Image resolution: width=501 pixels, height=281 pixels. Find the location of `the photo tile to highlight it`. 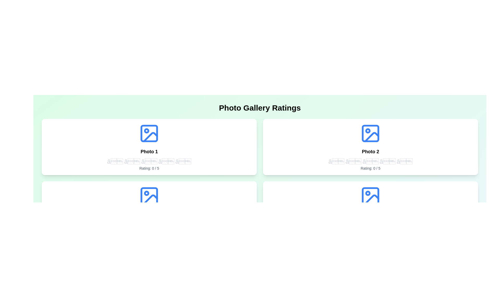

the photo tile to highlight it is located at coordinates (149, 147).